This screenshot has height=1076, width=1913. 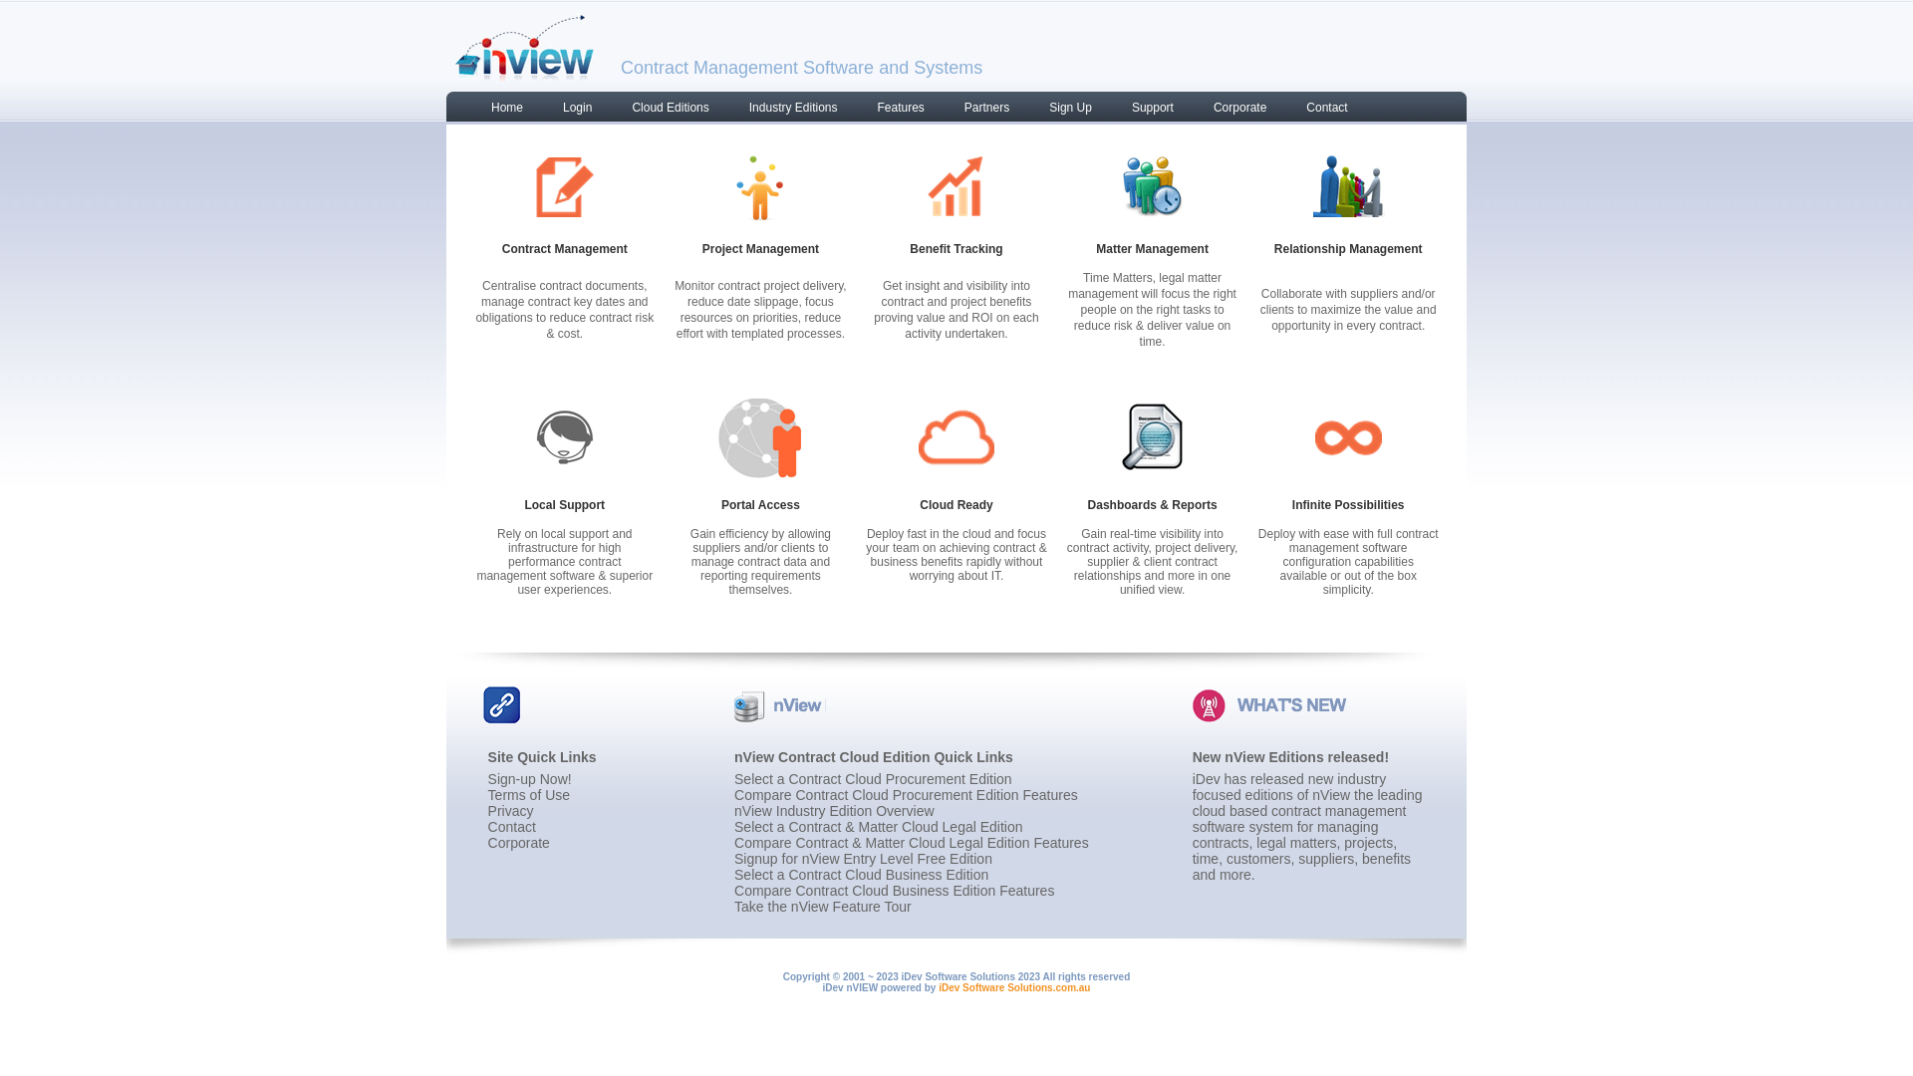 I want to click on 'Select a Contract Cloud Business Edition', so click(x=861, y=874).